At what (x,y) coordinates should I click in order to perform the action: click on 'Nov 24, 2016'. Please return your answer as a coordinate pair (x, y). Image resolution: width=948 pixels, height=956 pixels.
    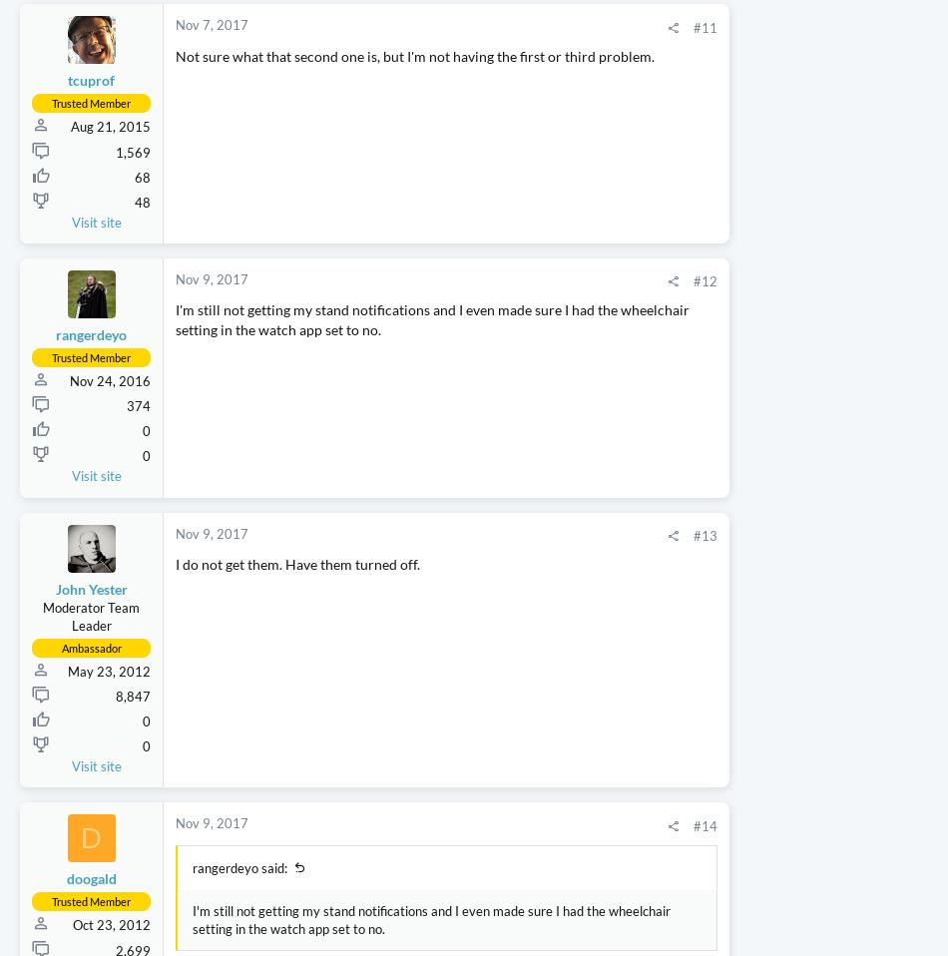
    Looking at the image, I should click on (110, 495).